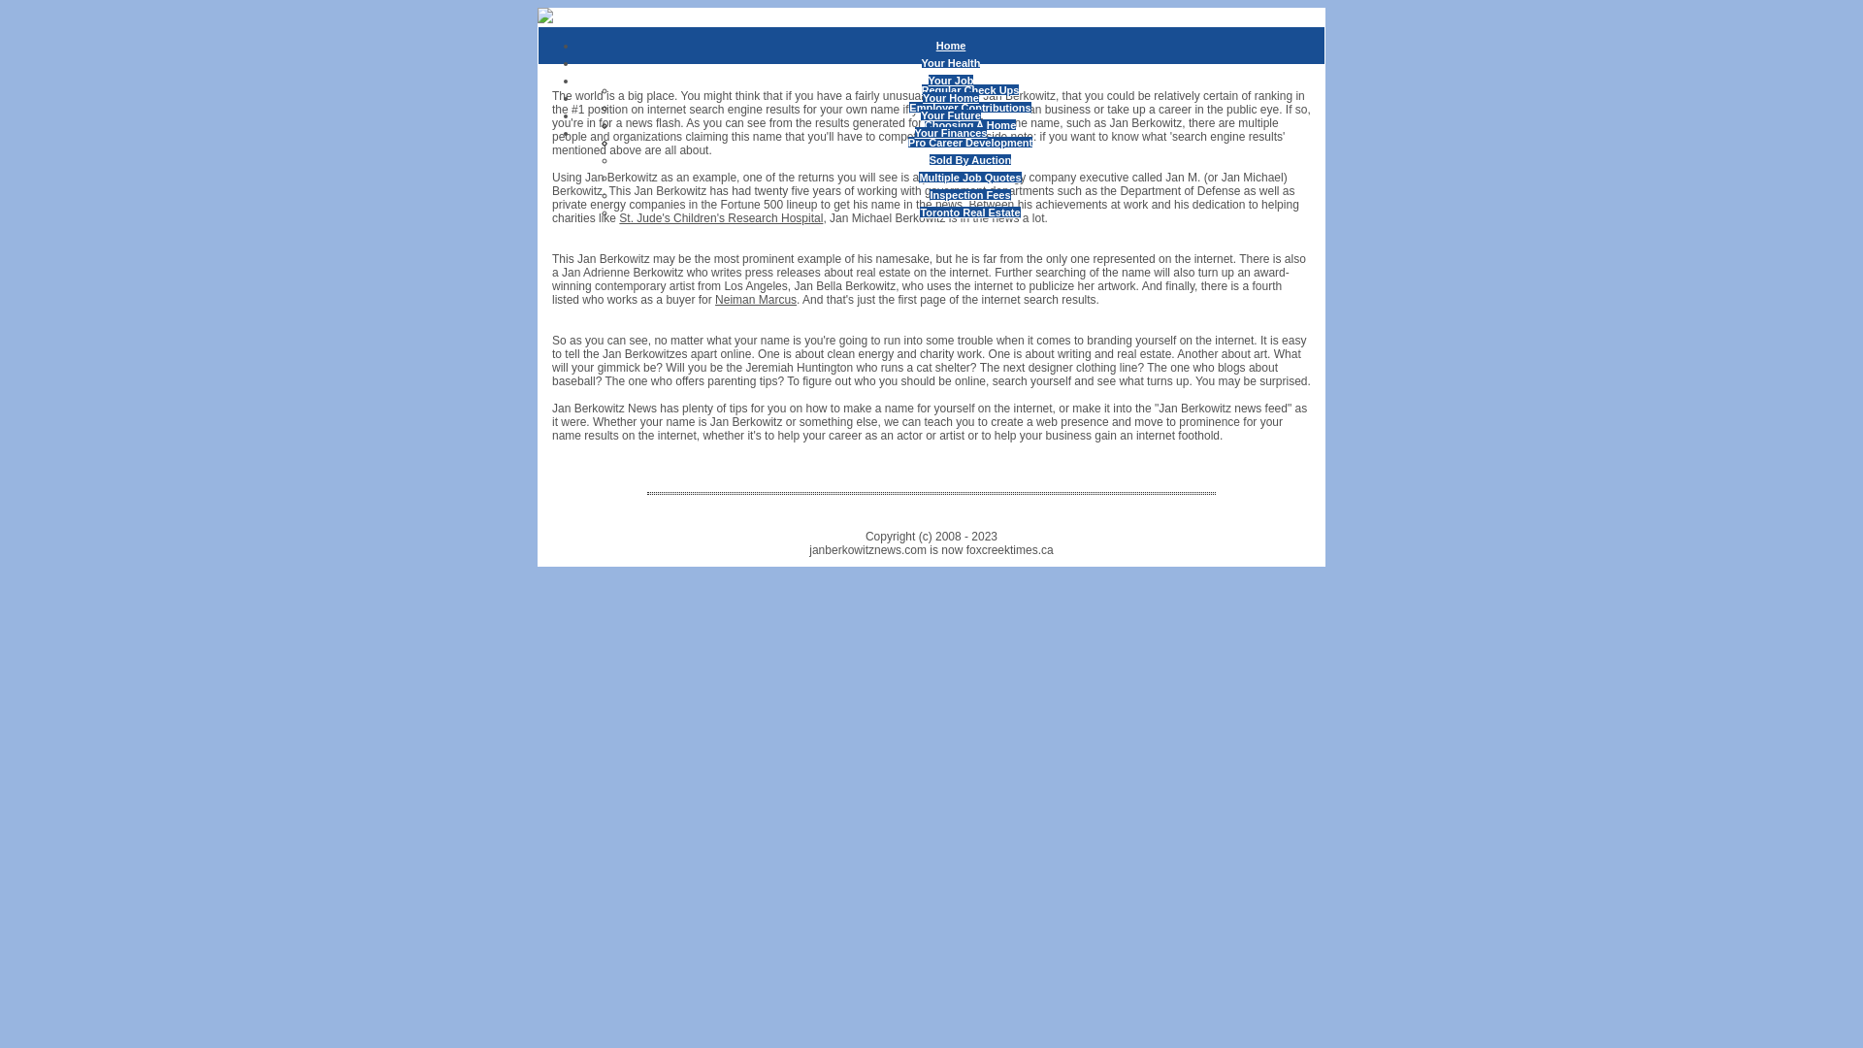  What do you see at coordinates (927, 80) in the screenshot?
I see `'Your Job'` at bounding box center [927, 80].